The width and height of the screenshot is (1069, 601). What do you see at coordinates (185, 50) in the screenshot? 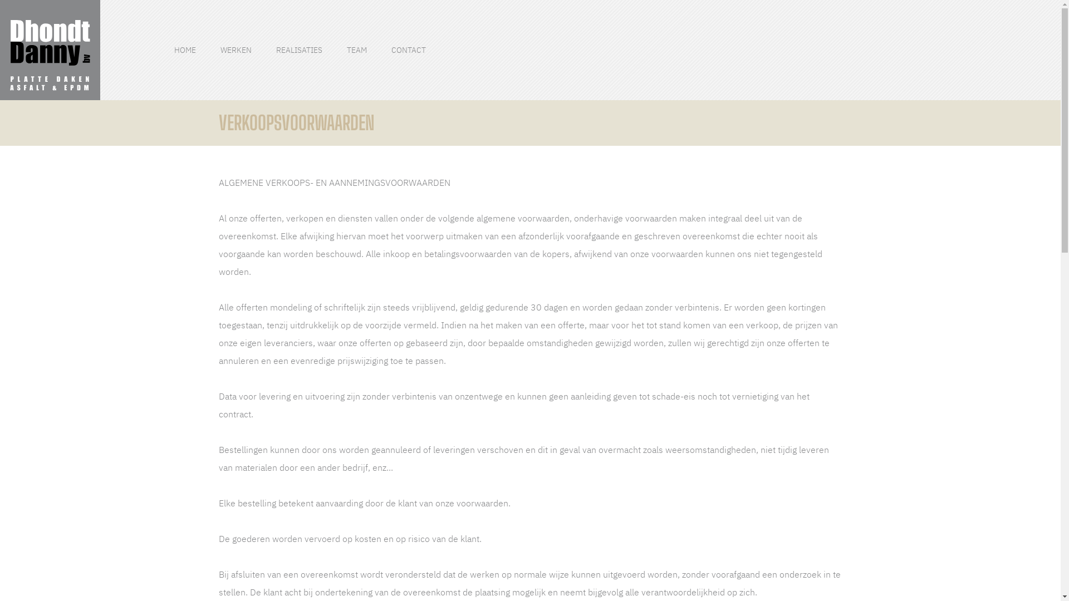
I see `'HOME'` at bounding box center [185, 50].